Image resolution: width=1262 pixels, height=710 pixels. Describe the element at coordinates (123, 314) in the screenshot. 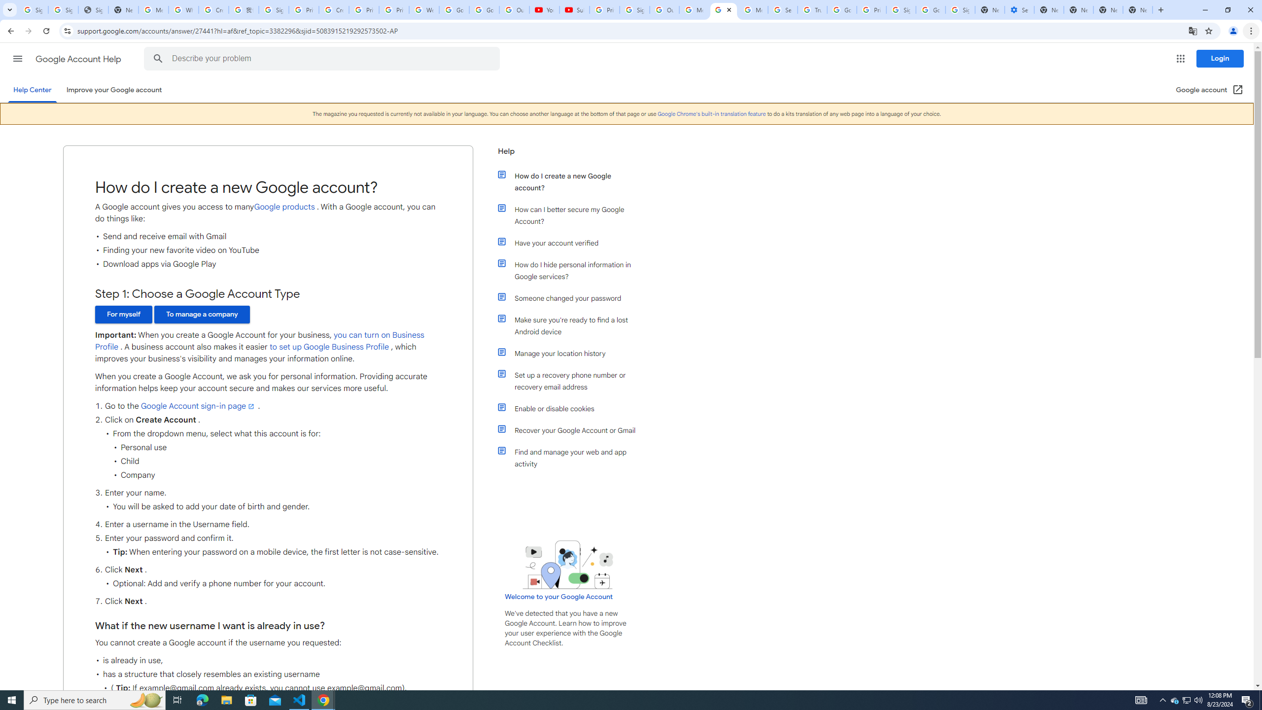

I see `'For myself'` at that location.